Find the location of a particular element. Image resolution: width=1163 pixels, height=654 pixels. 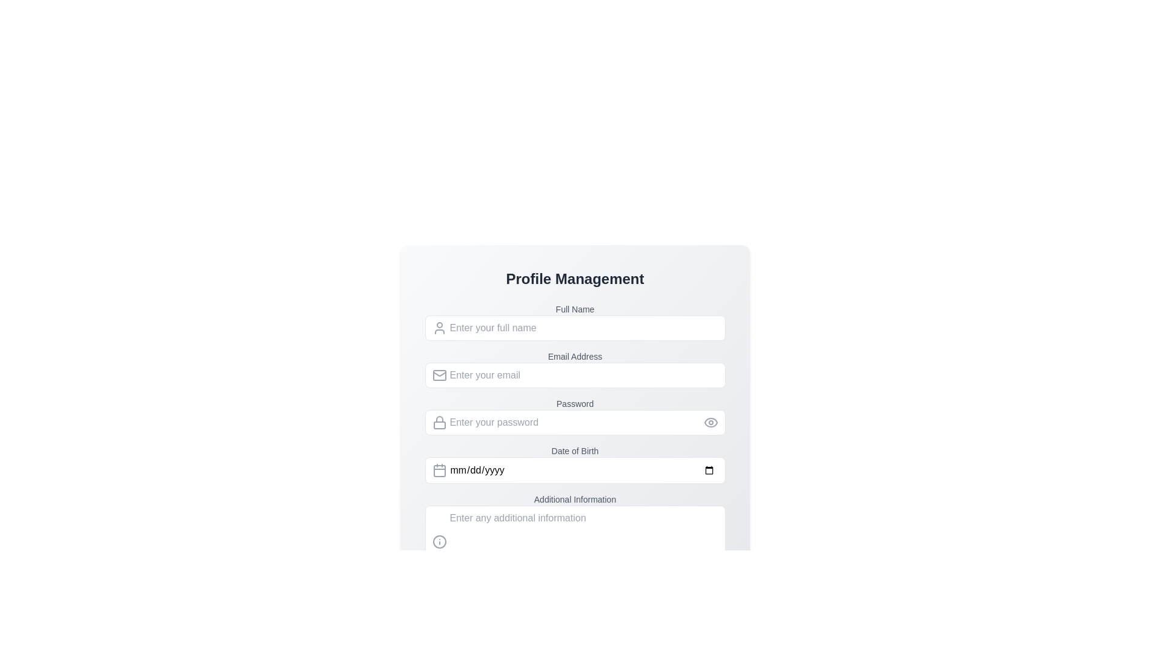

the Decorative circular SVG element located near the bottom-left of the 'Additional Information' text input field is located at coordinates (439, 541).